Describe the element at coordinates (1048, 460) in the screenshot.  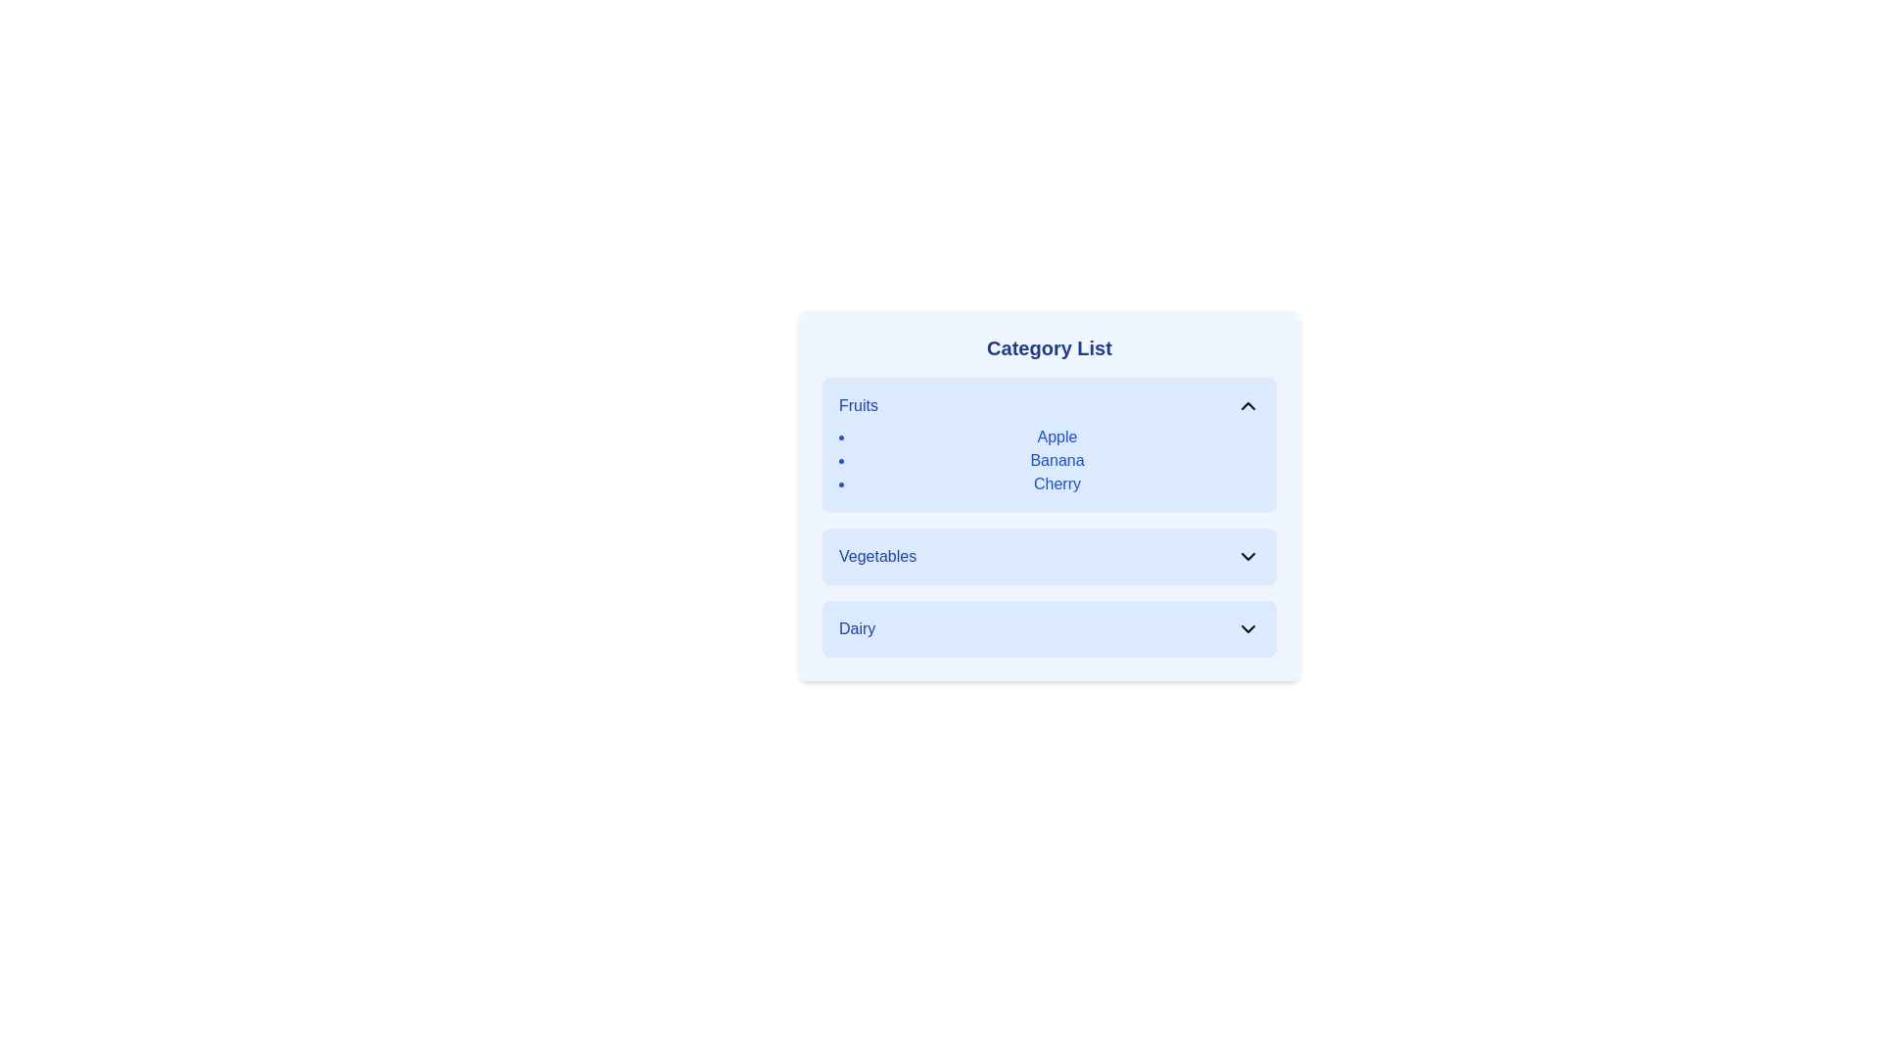
I see `the items in the 'Fruits' list` at that location.